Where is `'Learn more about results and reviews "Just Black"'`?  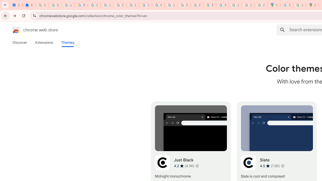
'Learn more about results and reviews "Just Black"' is located at coordinates (197, 166).